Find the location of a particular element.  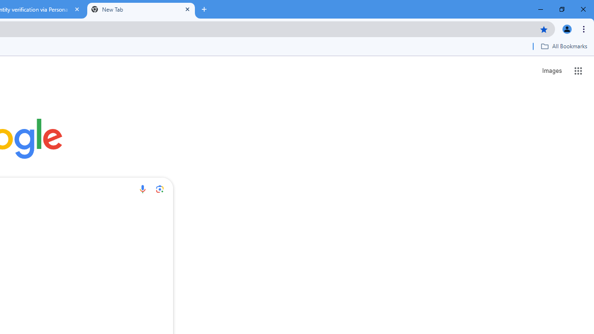

'All Bookmarks' is located at coordinates (563, 46).